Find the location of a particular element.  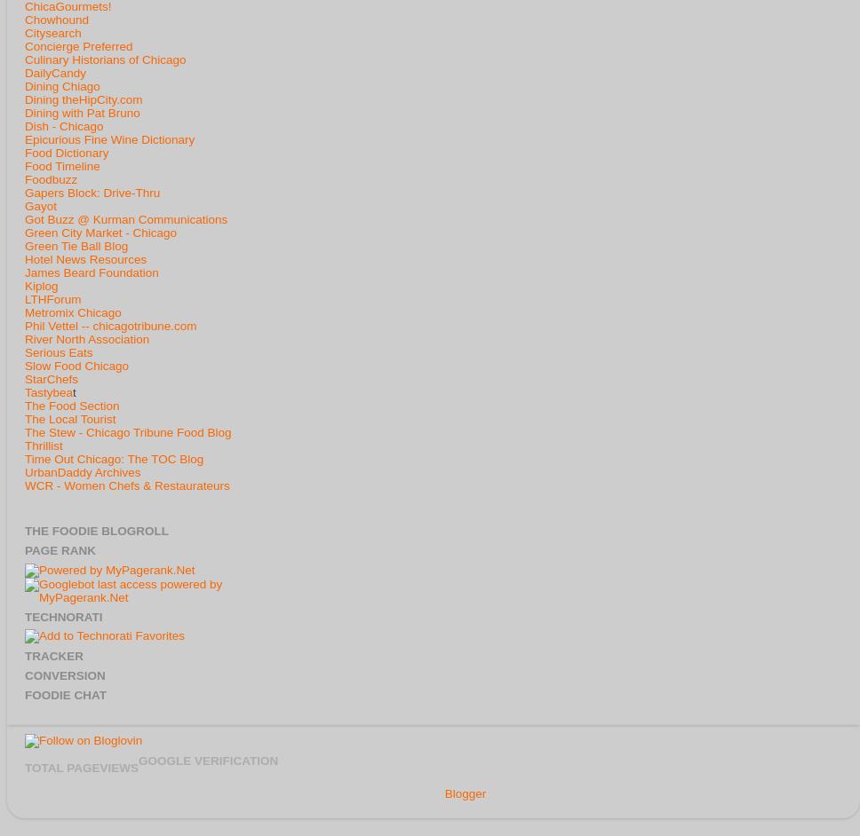

'The Stew - Chicago Tribune Food Blog' is located at coordinates (127, 431).